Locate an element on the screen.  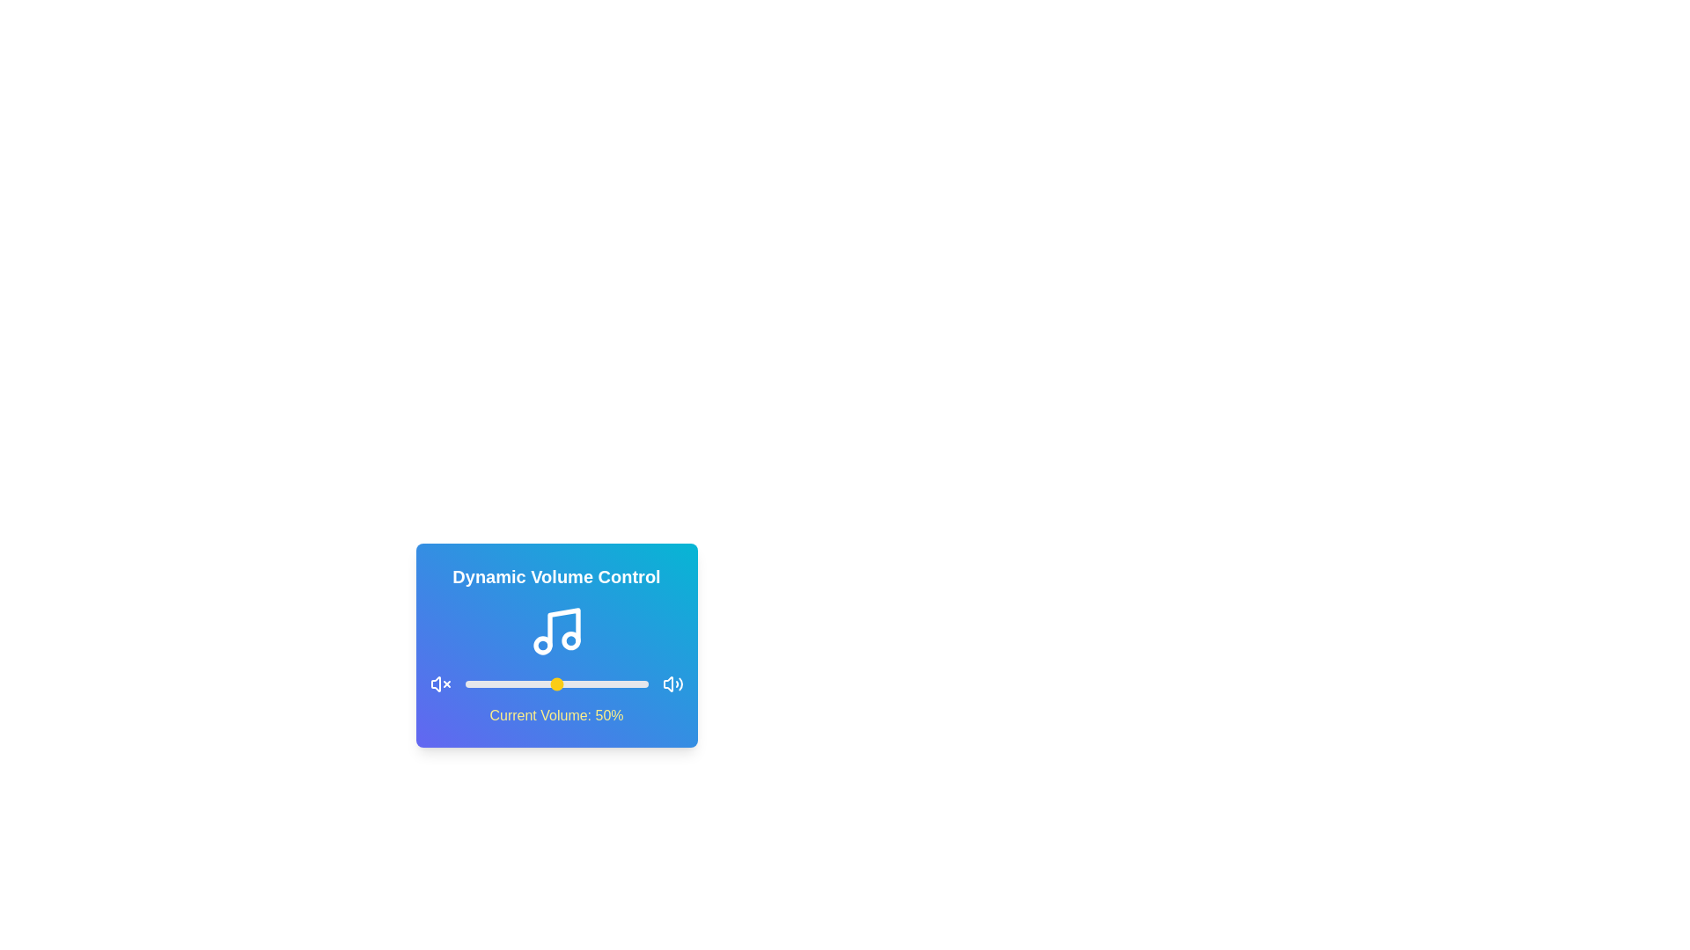
the volume to 0% by adjusting the slider is located at coordinates (465, 683).